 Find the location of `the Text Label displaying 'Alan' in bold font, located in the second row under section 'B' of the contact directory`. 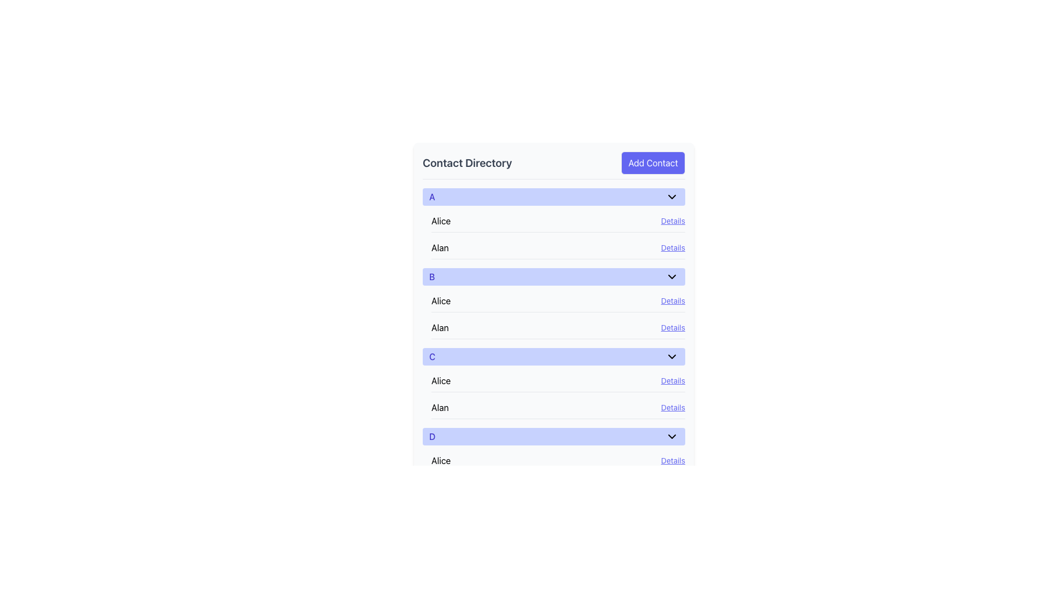

the Text Label displaying 'Alan' in bold font, located in the second row under section 'B' of the contact directory is located at coordinates (440, 327).